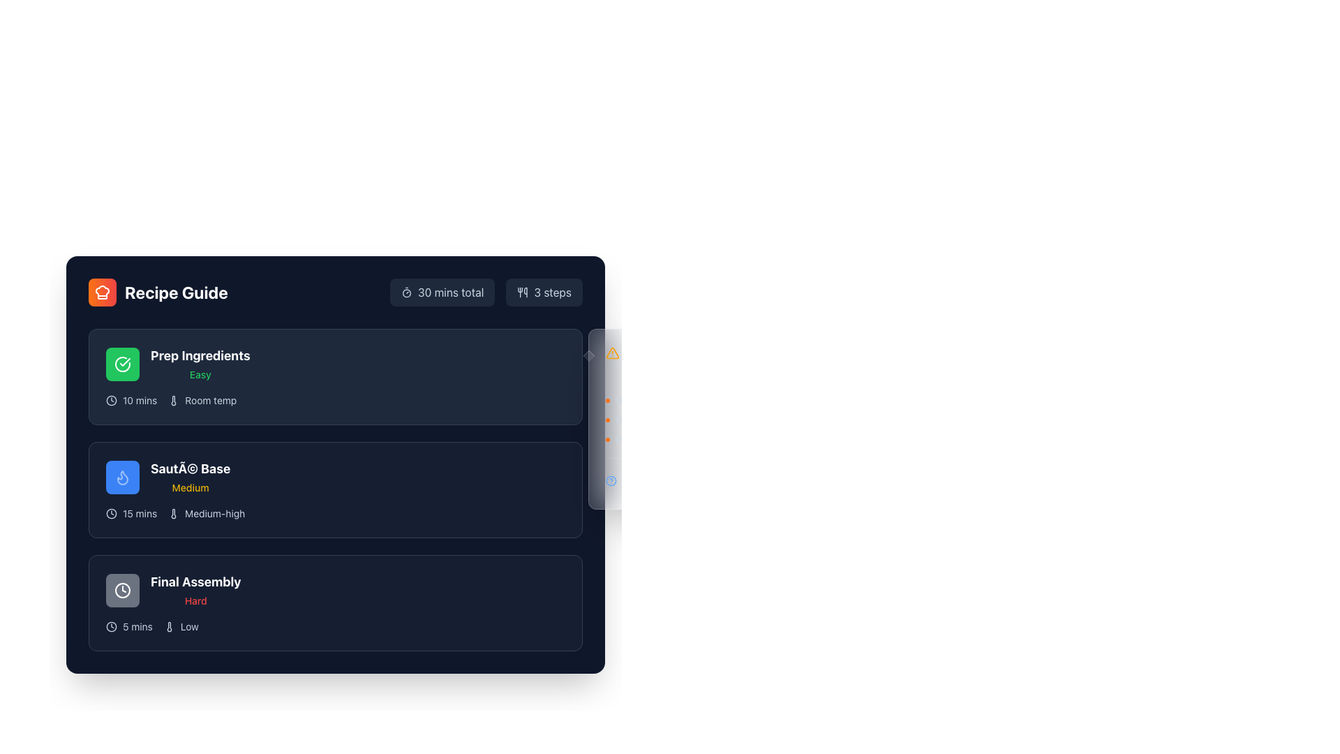 The image size is (1340, 754). What do you see at coordinates (202, 401) in the screenshot?
I see `the descriptive information block component that contains a thermometer icon and the text 'Room temp', positioned to the right of '10 mins' and below 'Prep Ingredients'` at bounding box center [202, 401].